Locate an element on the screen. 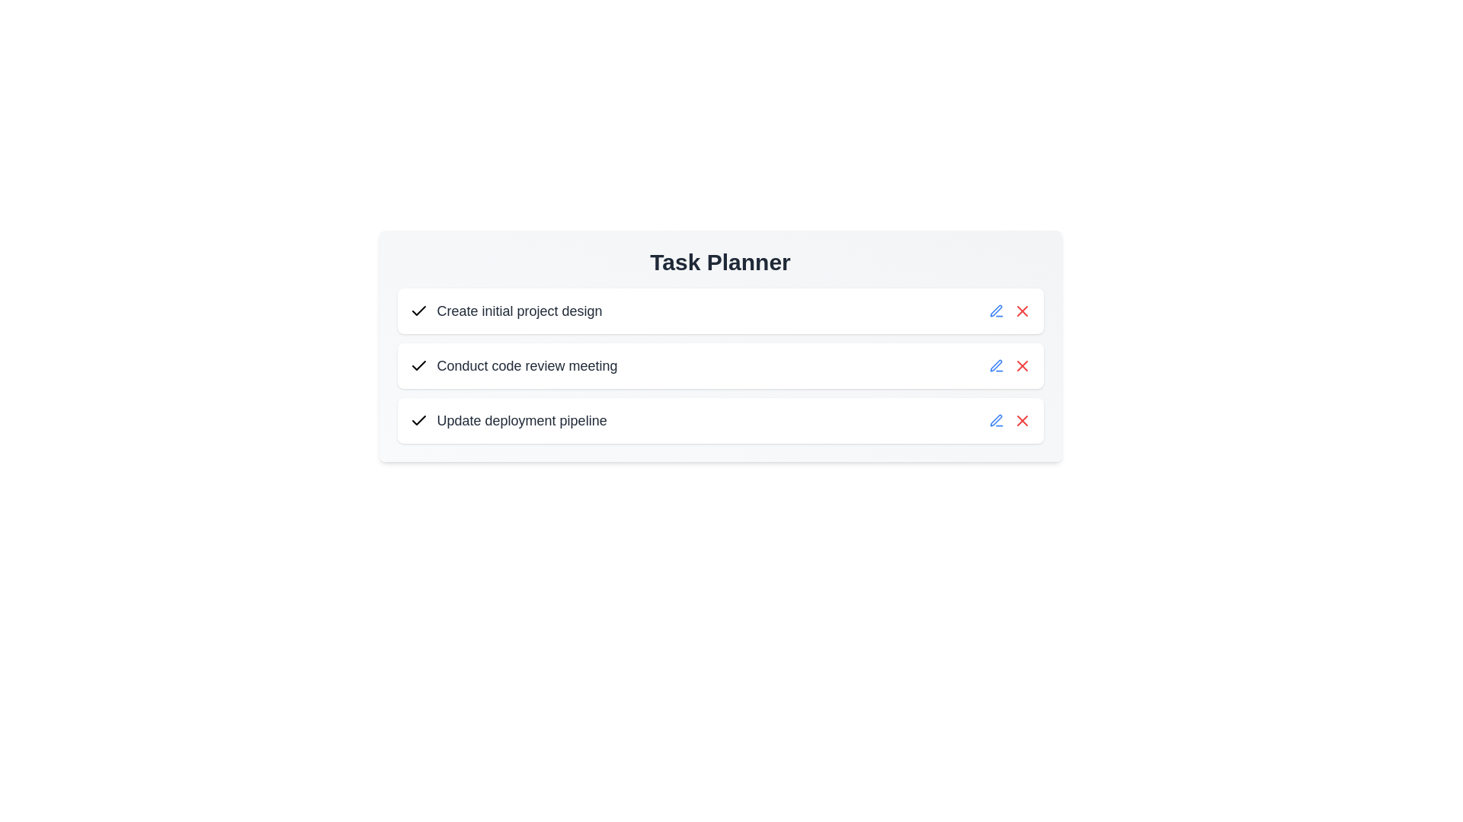 The image size is (1463, 822). the red cross icon SVG graphic located in the 'Conduct code review meeting' row of the task list is located at coordinates (1022, 366).